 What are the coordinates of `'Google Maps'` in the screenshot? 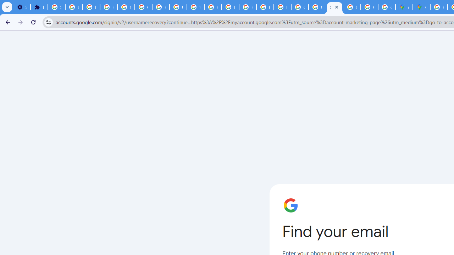 It's located at (421, 7).